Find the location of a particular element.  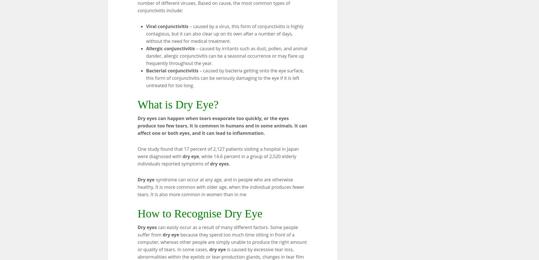

'syndrome can occur at any age, and in people who are otherwise healthy. It is more common with older age, when the individual produces fewer tears. It is also more common in women than in me' is located at coordinates (220, 186).